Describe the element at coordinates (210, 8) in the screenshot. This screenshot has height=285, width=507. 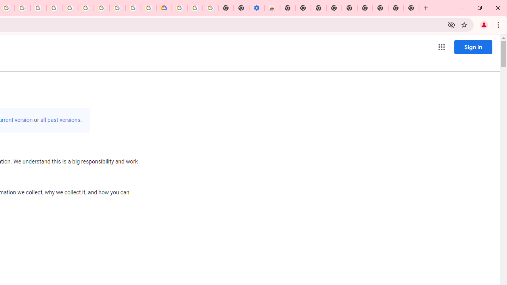
I see `'Turn cookies on or off - Computer - Google Account Help'` at that location.